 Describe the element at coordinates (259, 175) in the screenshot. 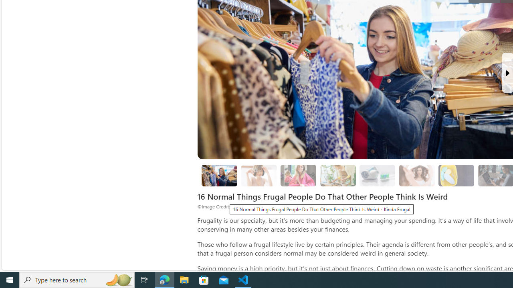

I see `'1. Cutting Hair'` at that location.